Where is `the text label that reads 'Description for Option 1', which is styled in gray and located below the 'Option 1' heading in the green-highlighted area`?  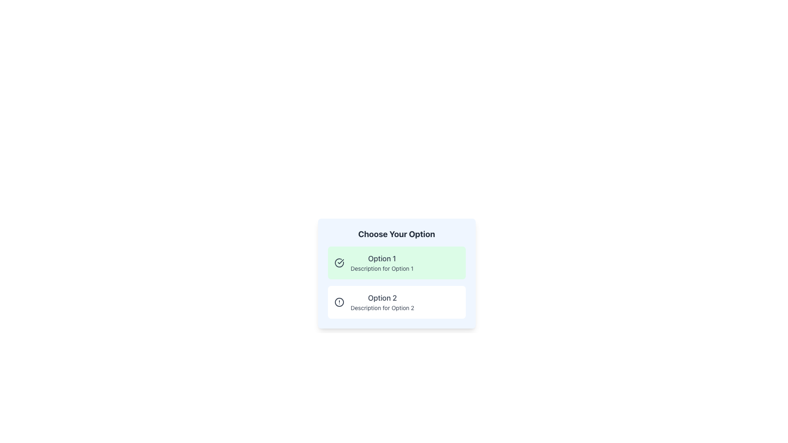
the text label that reads 'Description for Option 1', which is styled in gray and located below the 'Option 1' heading in the green-highlighted area is located at coordinates (382, 269).